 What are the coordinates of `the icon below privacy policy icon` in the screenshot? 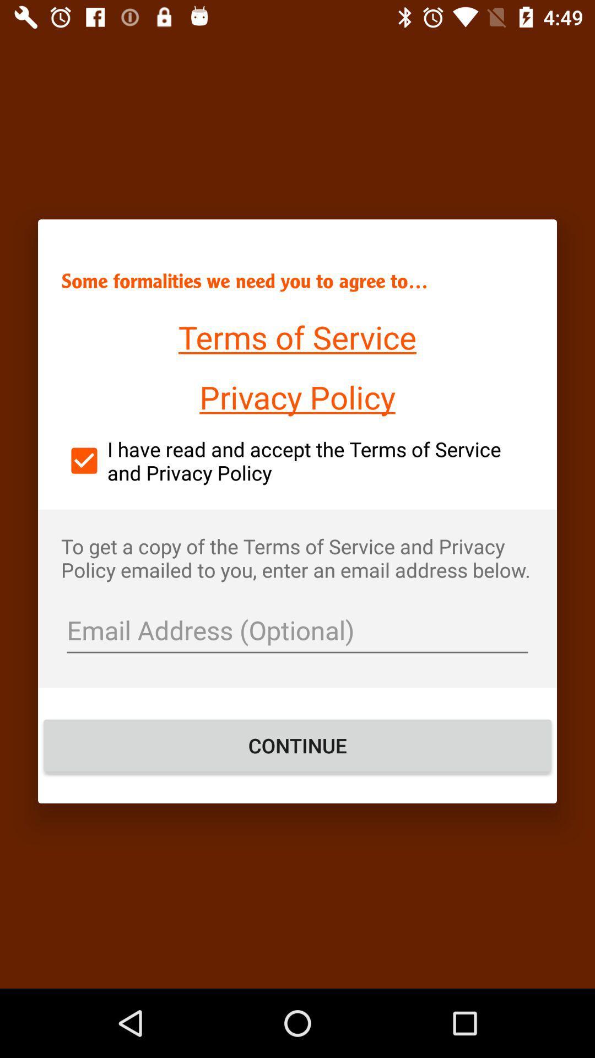 It's located at (297, 461).